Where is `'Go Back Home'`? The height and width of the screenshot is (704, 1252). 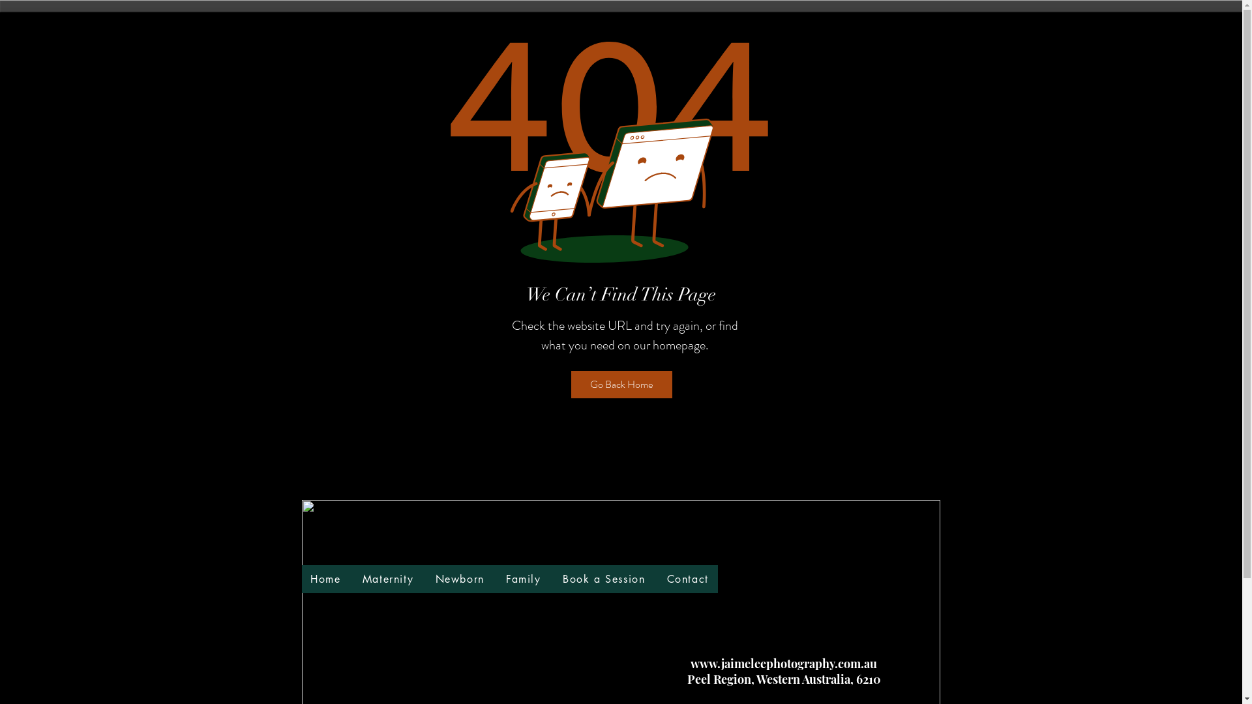 'Go Back Home' is located at coordinates (621, 384).